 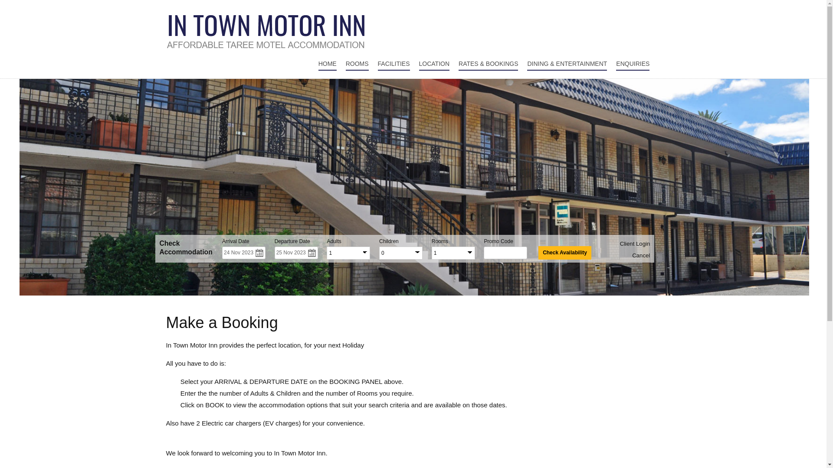 What do you see at coordinates (327, 64) in the screenshot?
I see `'HOME'` at bounding box center [327, 64].